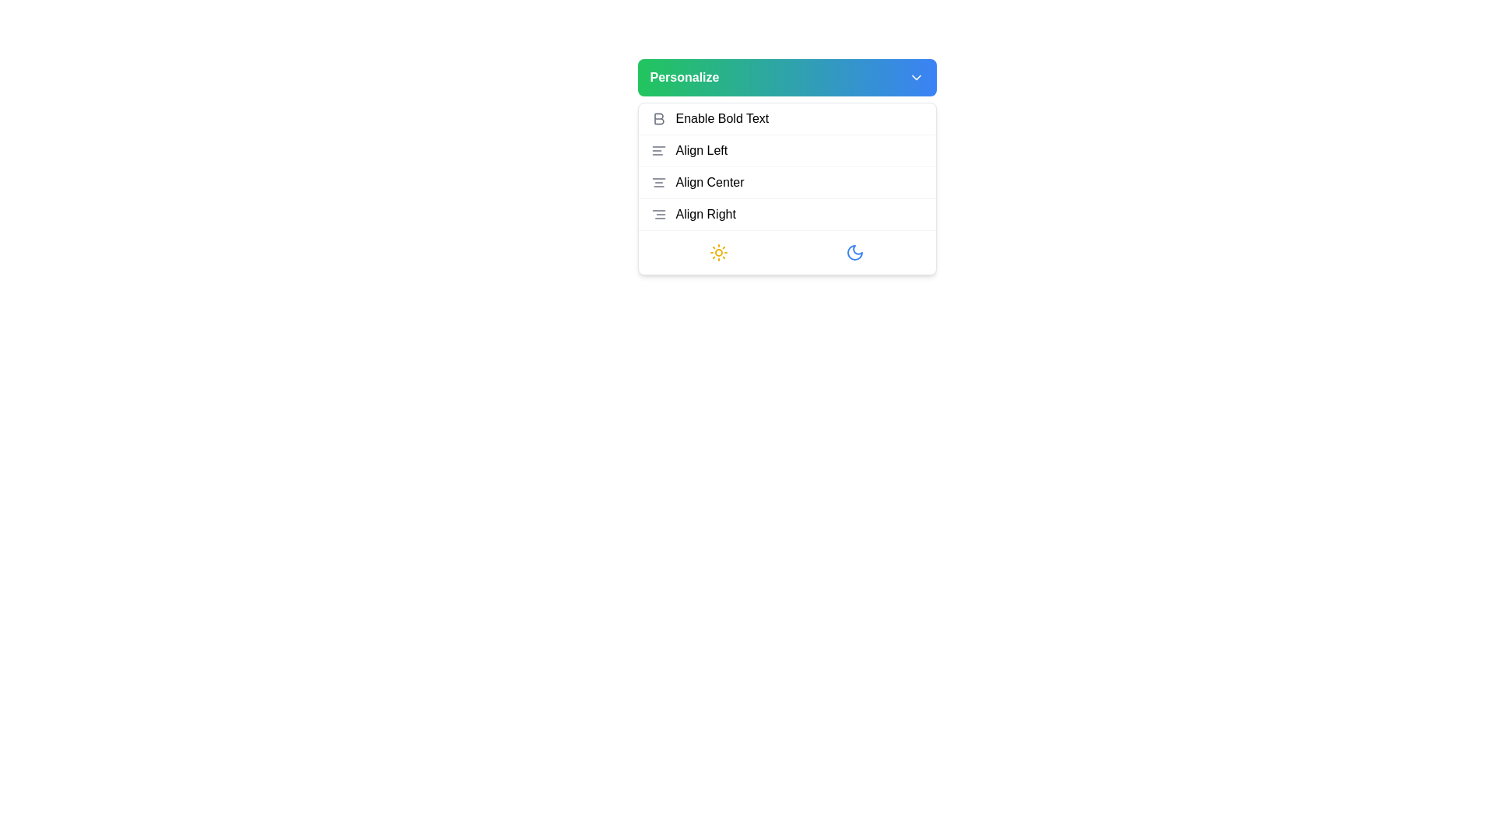 The width and height of the screenshot is (1494, 840). Describe the element at coordinates (658, 215) in the screenshot. I see `the 'Align Right' icon, which visually represents the 'Align Right' action and is positioned to the left of the 'Align Right' text label within the alignment menu` at that location.